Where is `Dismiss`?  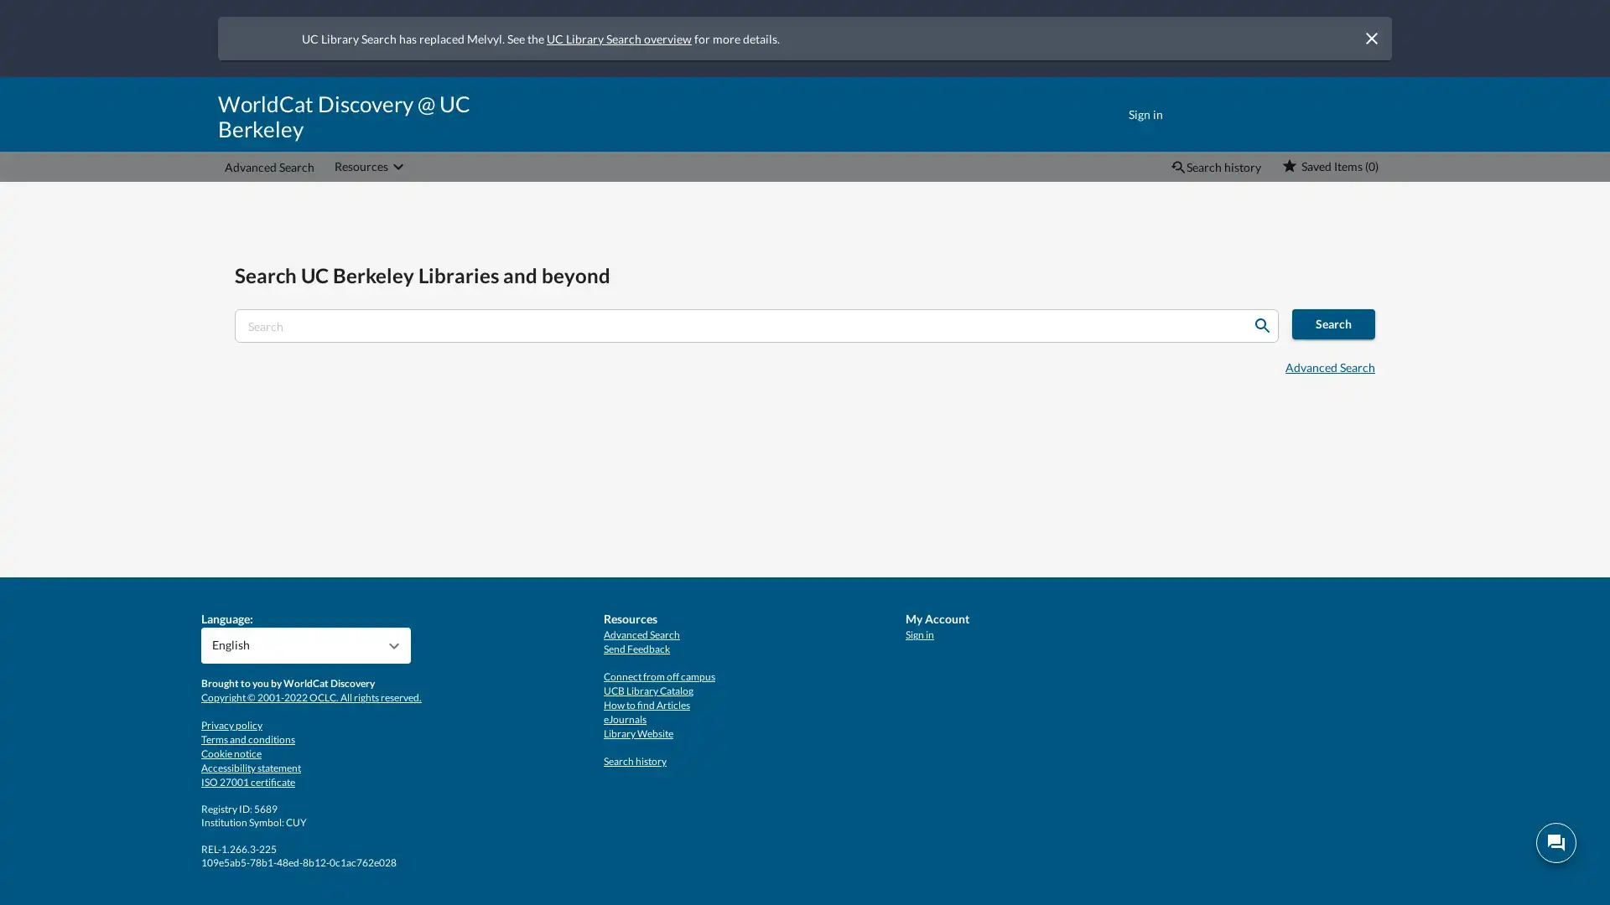
Dismiss is located at coordinates (1371, 38).